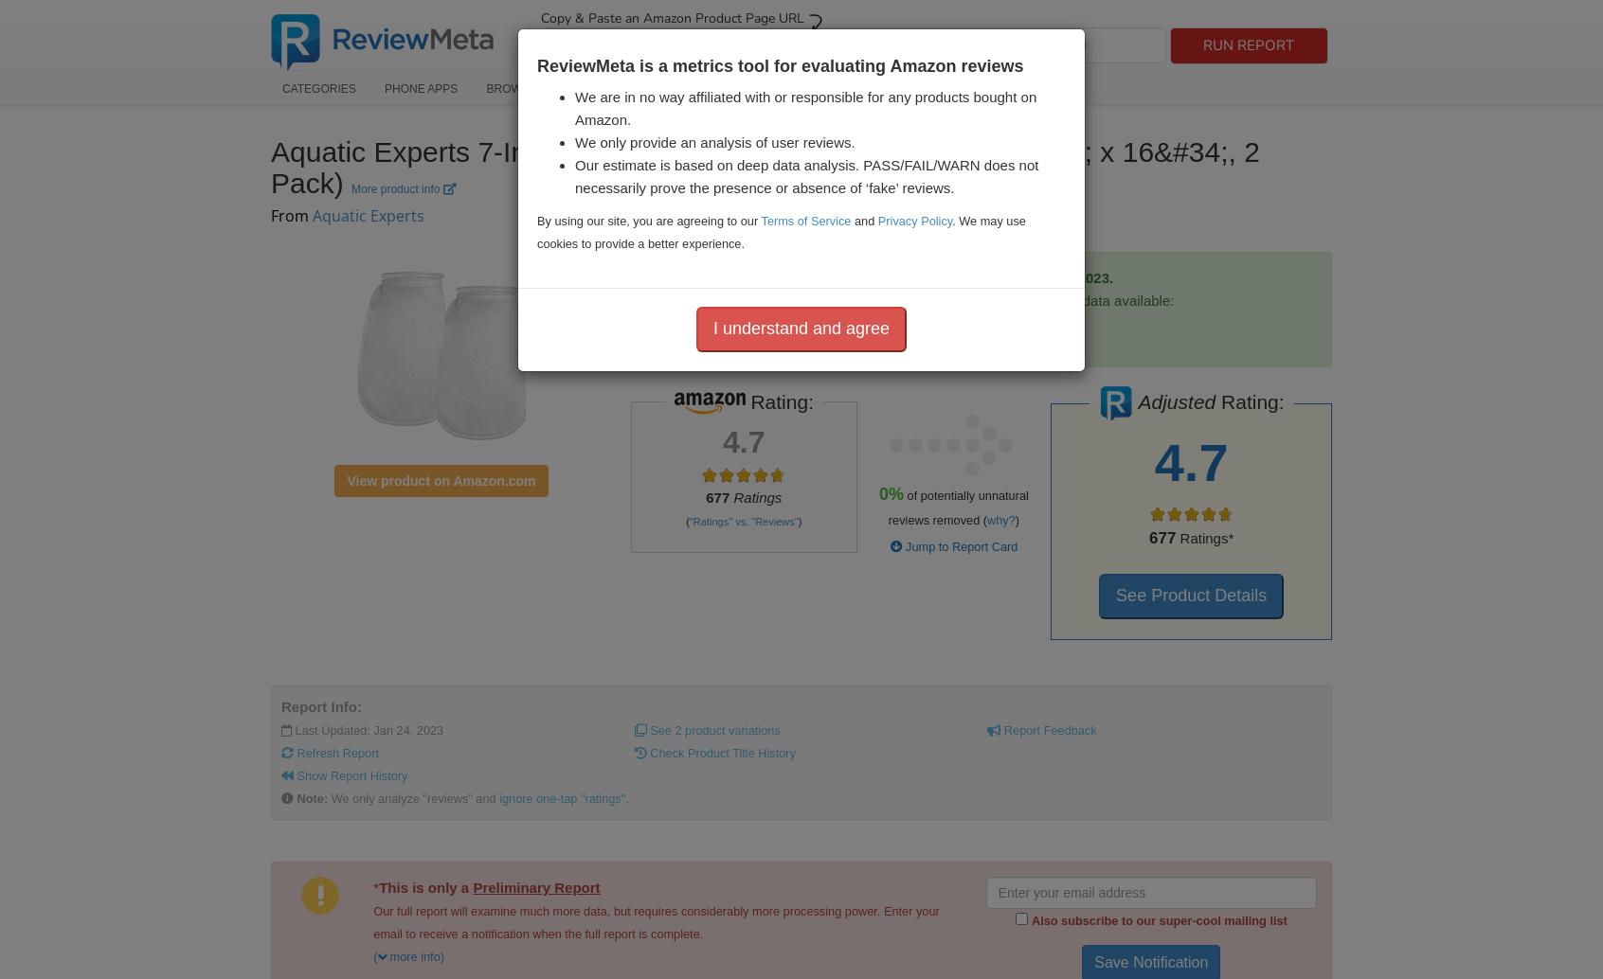  I want to click on '. We may use cookies to provide a better experience.', so click(781, 231).